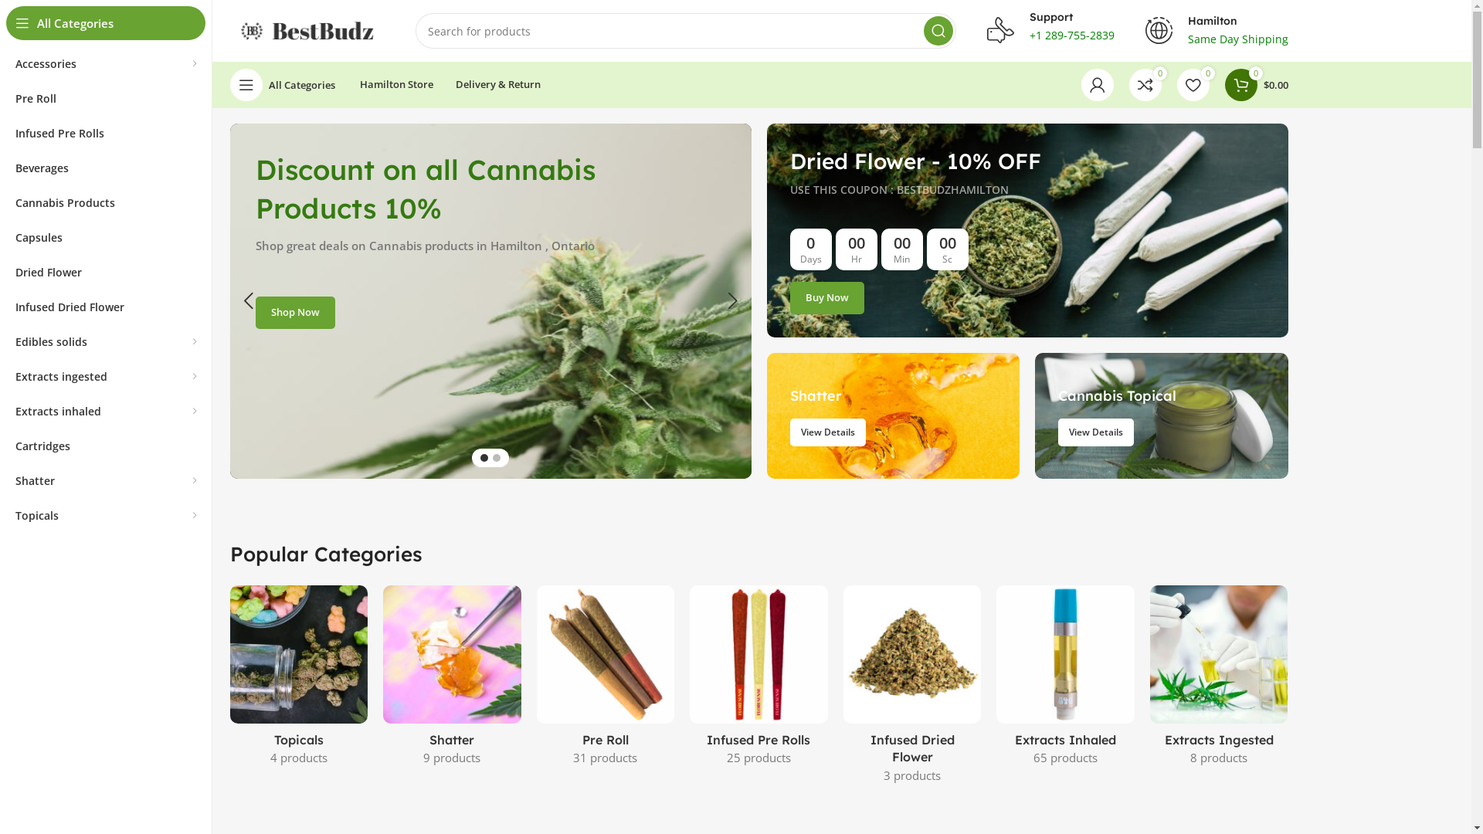 The width and height of the screenshot is (1483, 834). Describe the element at coordinates (350, 85) in the screenshot. I see `'Hamilton Store'` at that location.